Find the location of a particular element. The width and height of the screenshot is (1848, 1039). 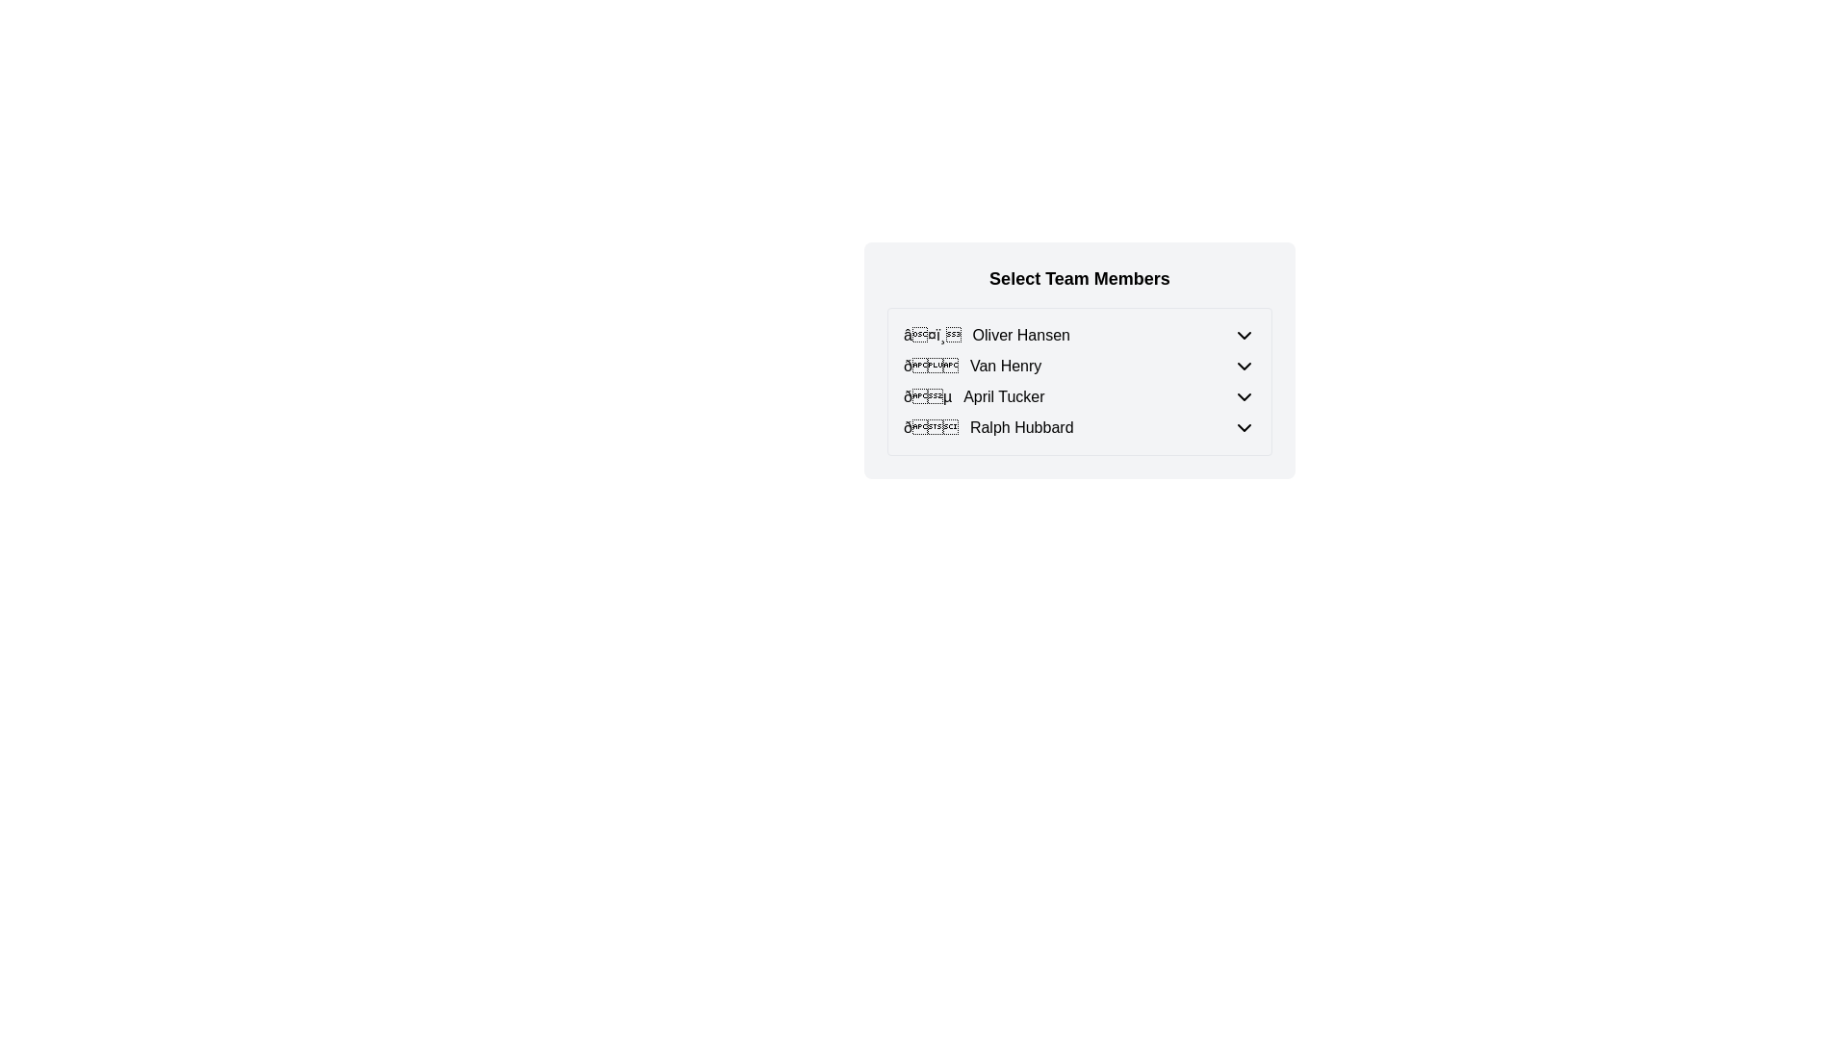

the static icon located to the left of the name 'Van Henry' in the list item is located at coordinates (931, 367).